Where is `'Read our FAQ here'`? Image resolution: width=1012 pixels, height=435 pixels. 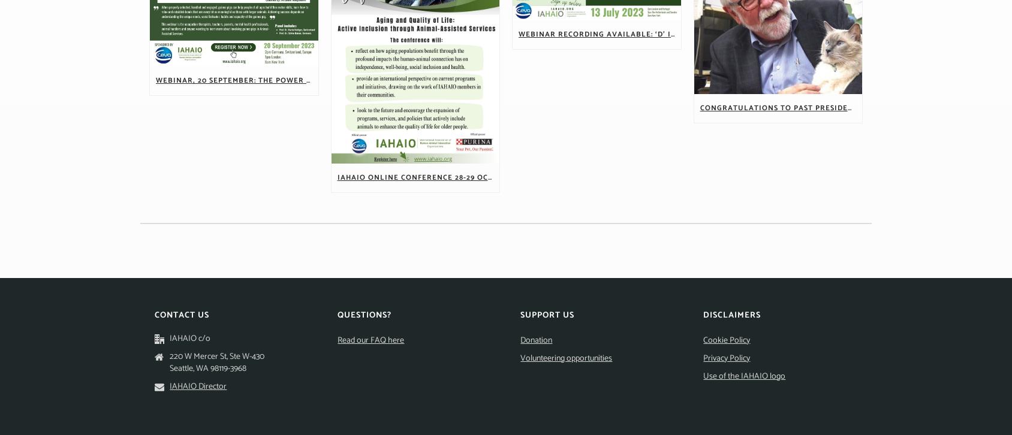
'Read our FAQ here' is located at coordinates (371, 339).